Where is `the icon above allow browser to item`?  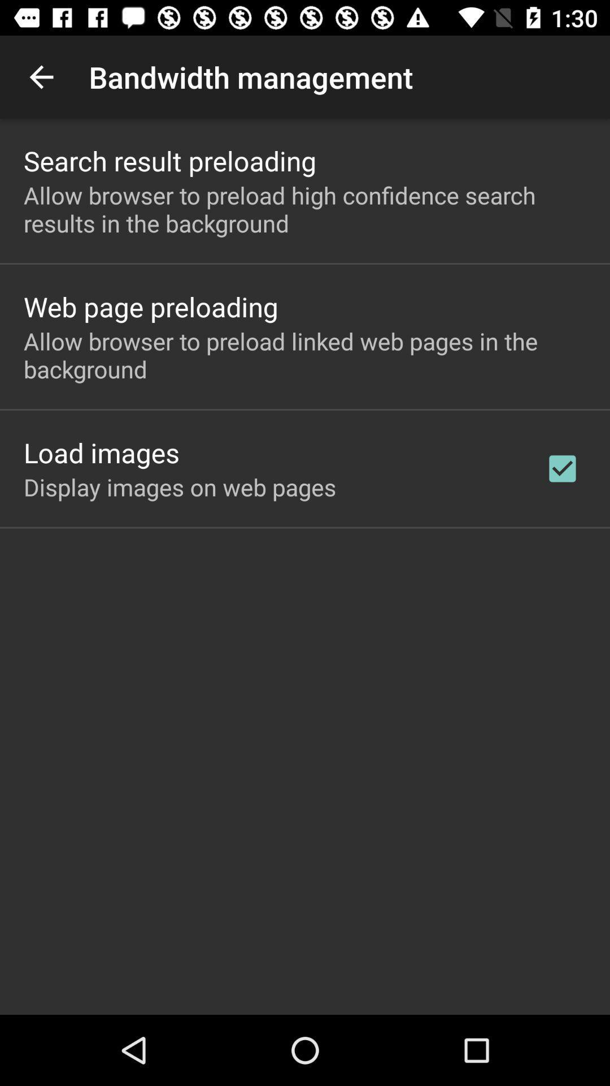 the icon above allow browser to item is located at coordinates (150, 307).